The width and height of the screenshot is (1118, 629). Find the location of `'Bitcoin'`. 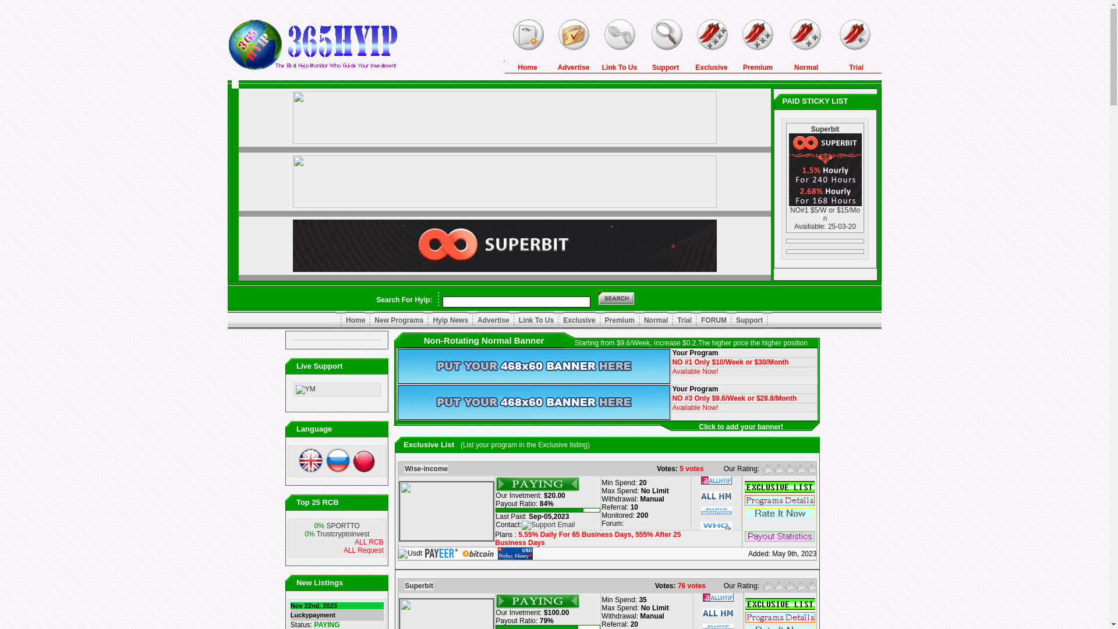

'Bitcoin' is located at coordinates (478, 552).